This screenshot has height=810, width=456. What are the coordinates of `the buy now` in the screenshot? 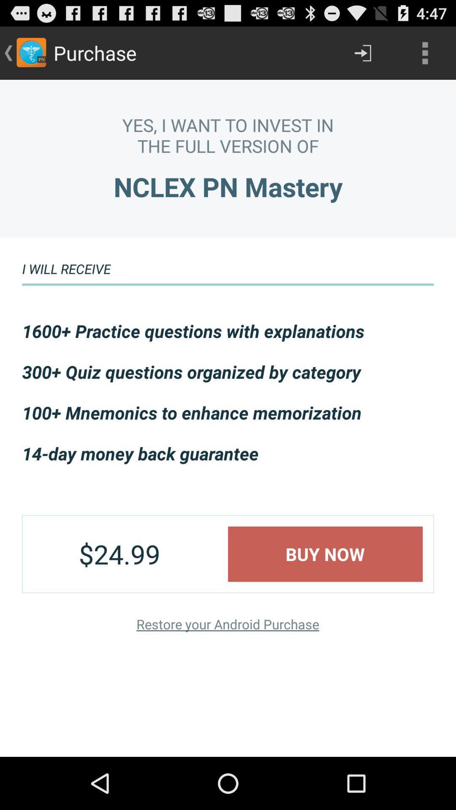 It's located at (325, 554).